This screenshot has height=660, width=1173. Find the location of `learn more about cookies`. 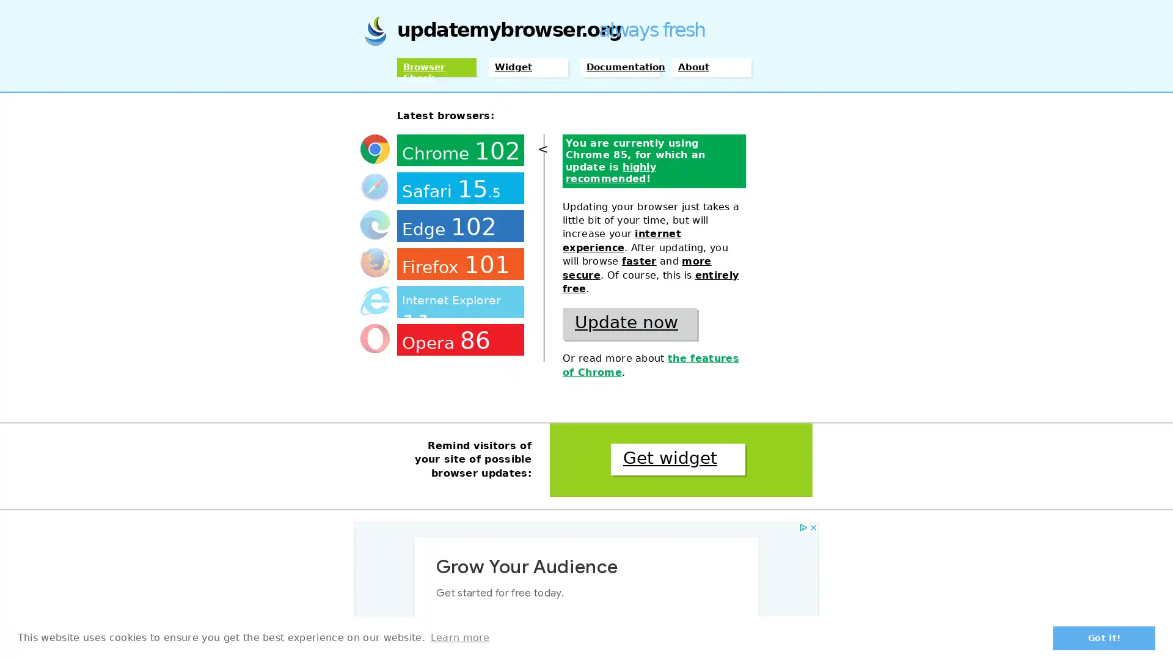

learn more about cookies is located at coordinates (459, 637).